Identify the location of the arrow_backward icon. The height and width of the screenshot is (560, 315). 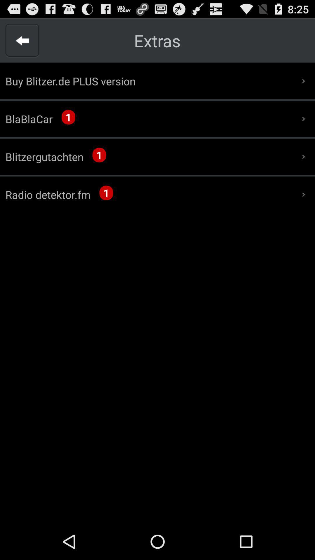
(22, 43).